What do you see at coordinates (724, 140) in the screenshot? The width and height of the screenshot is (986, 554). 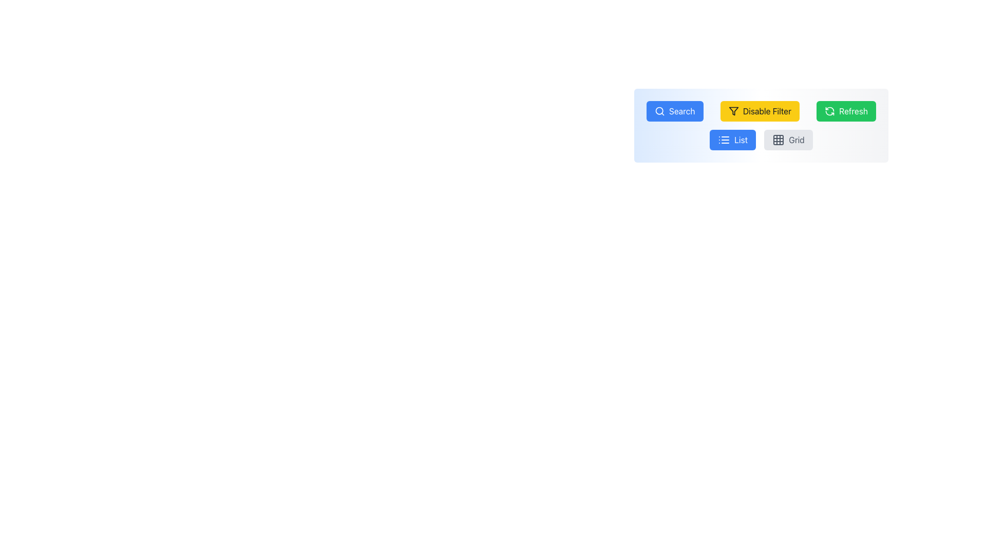 I see `the icon within the 'List' button in the horizontal toolbar` at bounding box center [724, 140].